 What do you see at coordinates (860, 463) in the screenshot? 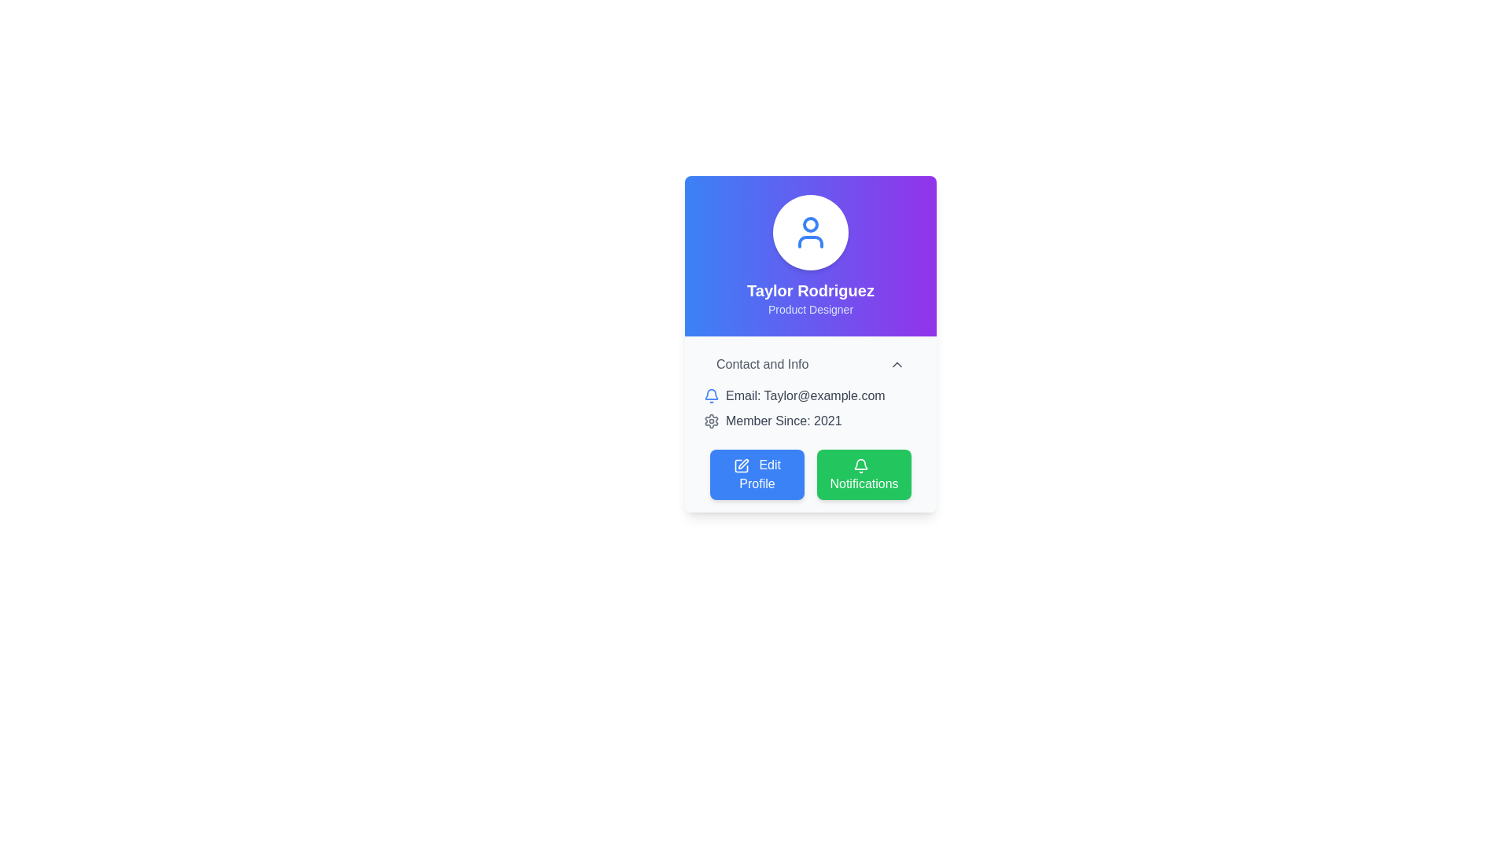
I see `the notification icon located within the green button on the user card, to the right of the 'Edit Profile' button` at bounding box center [860, 463].